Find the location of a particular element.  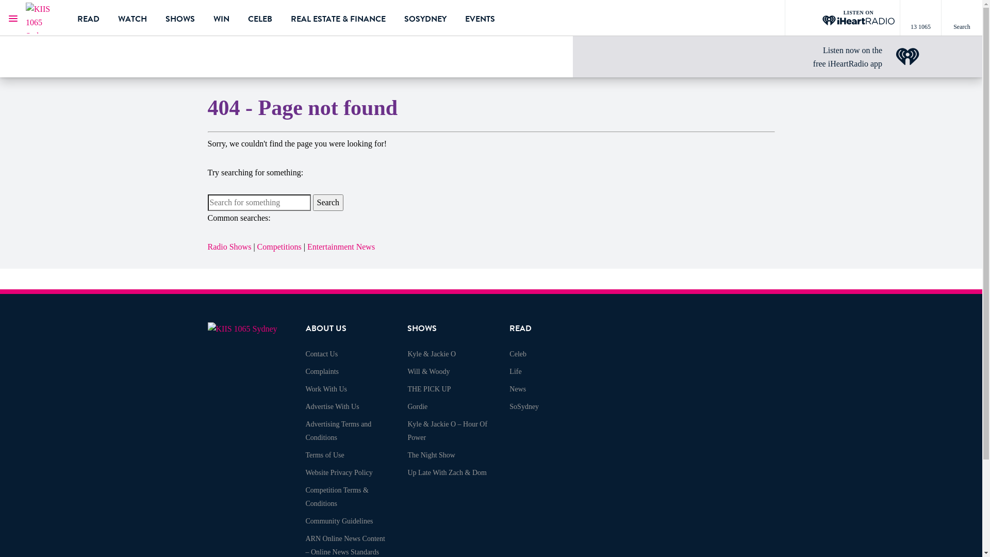

'Kyle & Jackie O' is located at coordinates (431, 353).